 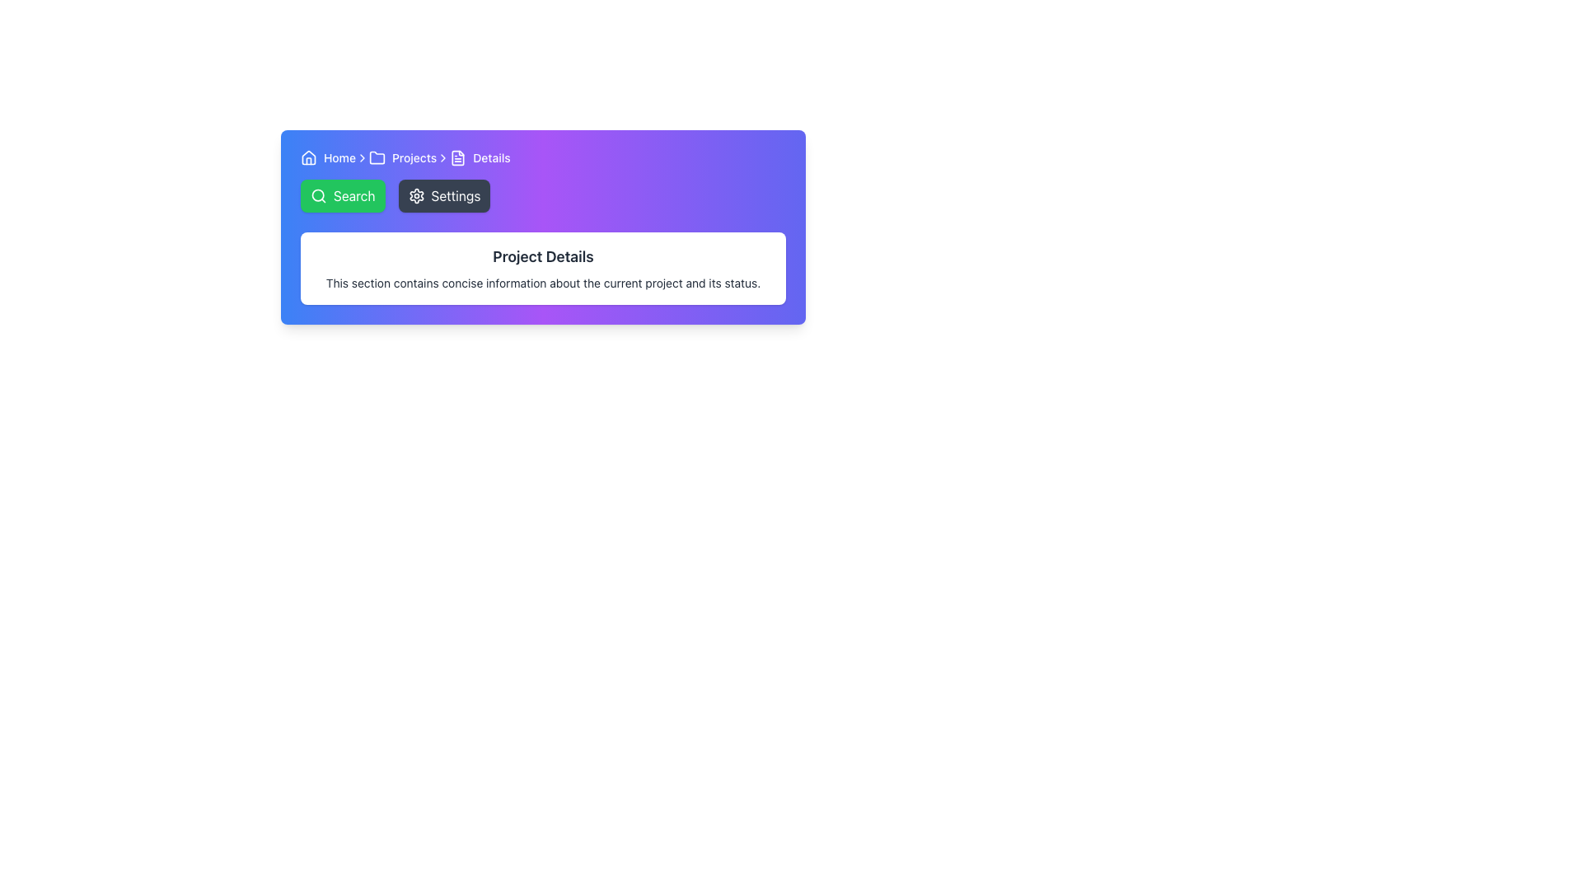 What do you see at coordinates (414, 158) in the screenshot?
I see `the 'Projects' text label, which is styled in white against a vibrant purple background` at bounding box center [414, 158].